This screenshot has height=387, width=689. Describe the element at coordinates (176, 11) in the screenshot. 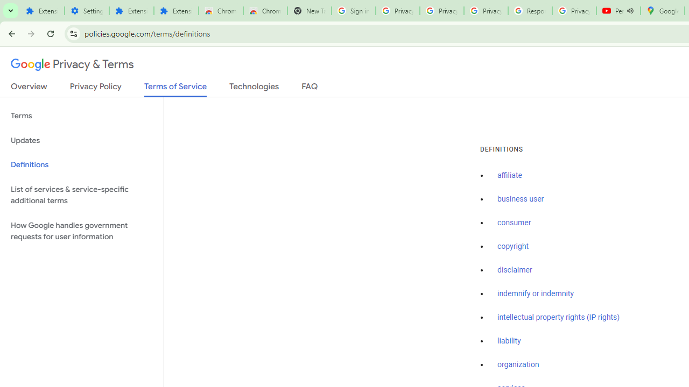

I see `'Extensions'` at that location.